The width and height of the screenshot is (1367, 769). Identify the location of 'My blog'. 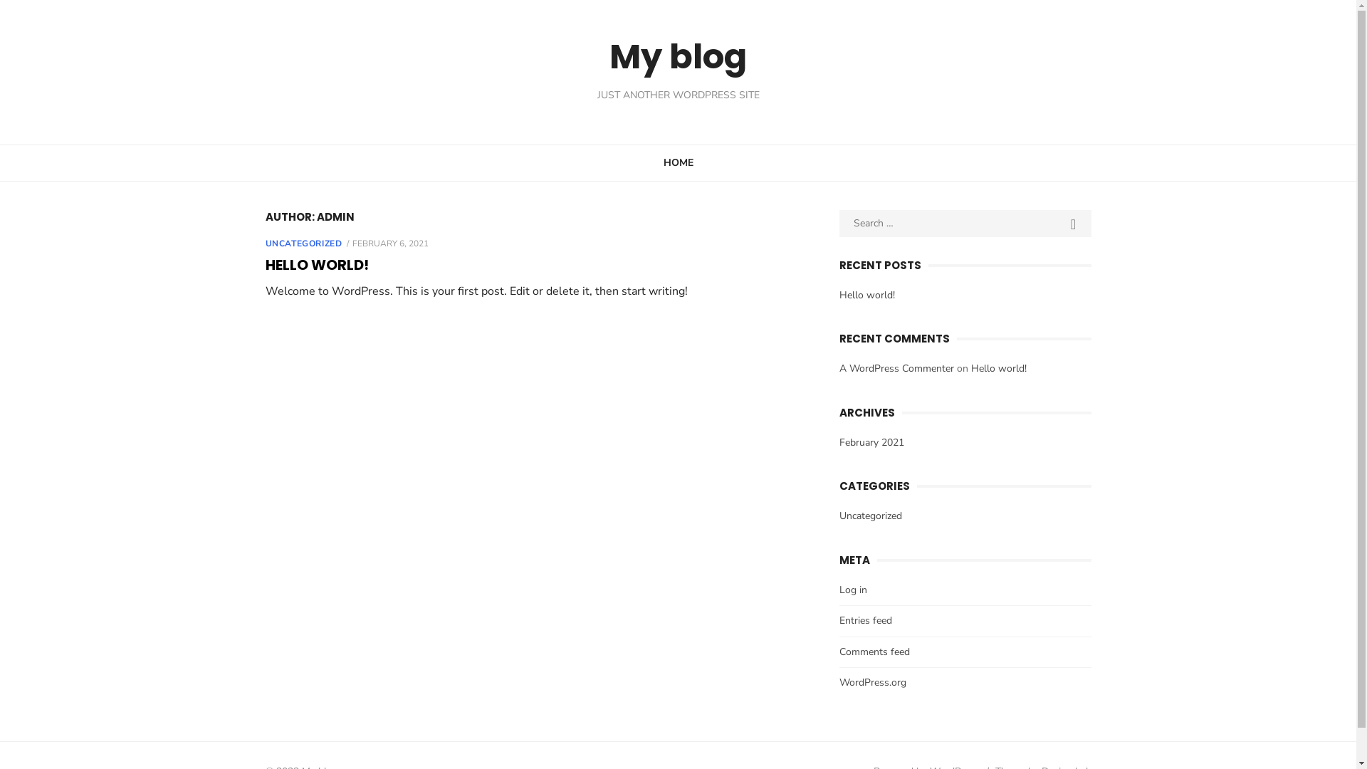
(677, 56).